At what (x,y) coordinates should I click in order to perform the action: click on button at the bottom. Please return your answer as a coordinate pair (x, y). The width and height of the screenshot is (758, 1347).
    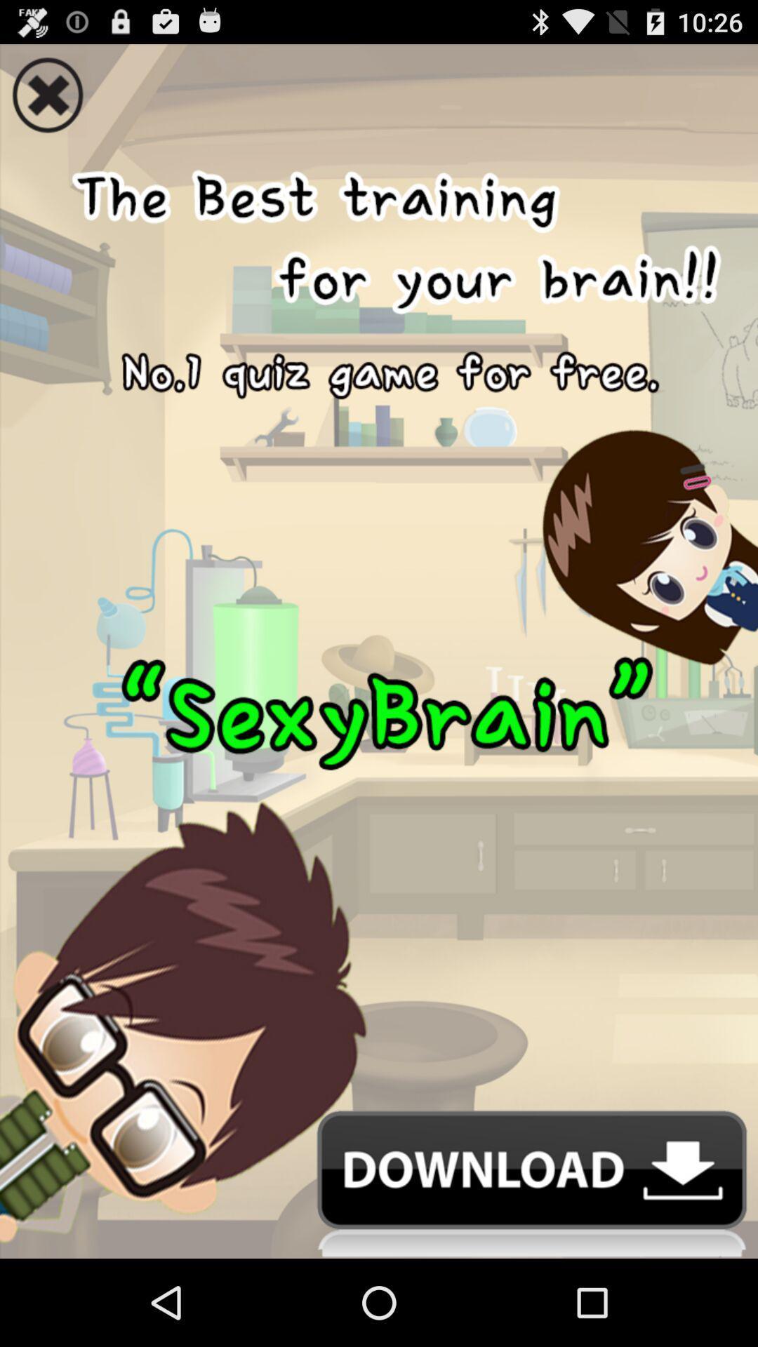
    Looking at the image, I should click on (379, 1184).